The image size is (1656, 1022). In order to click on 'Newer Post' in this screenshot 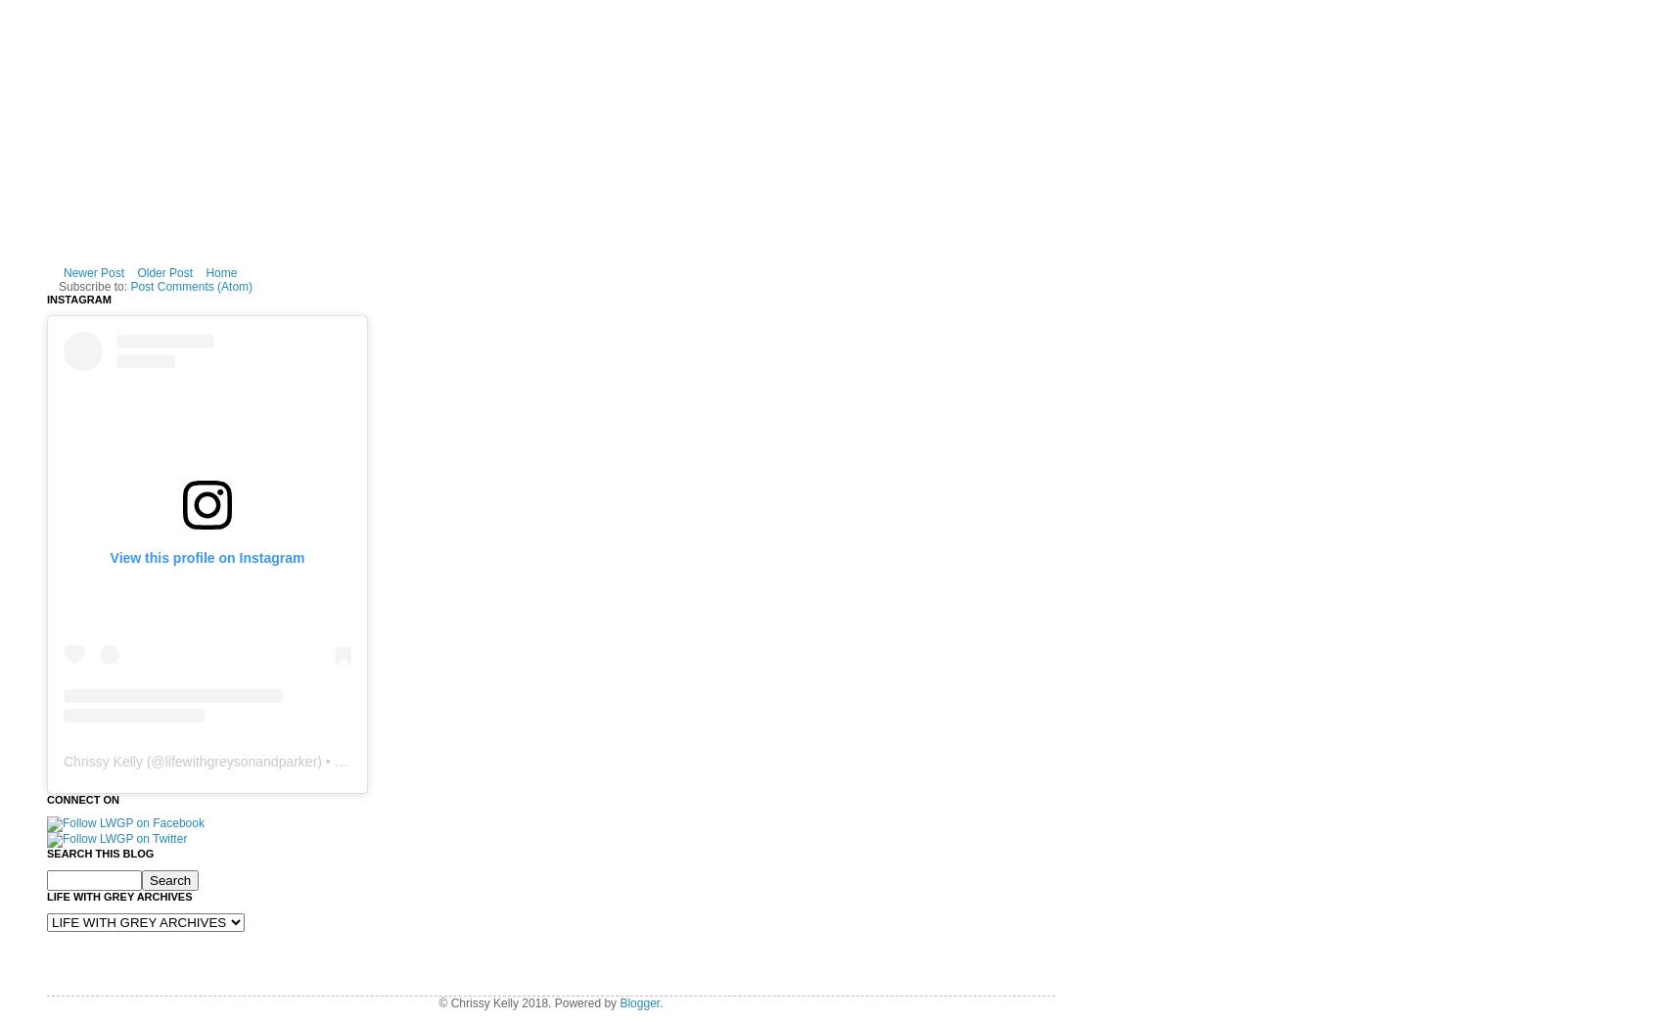, I will do `click(93, 271)`.